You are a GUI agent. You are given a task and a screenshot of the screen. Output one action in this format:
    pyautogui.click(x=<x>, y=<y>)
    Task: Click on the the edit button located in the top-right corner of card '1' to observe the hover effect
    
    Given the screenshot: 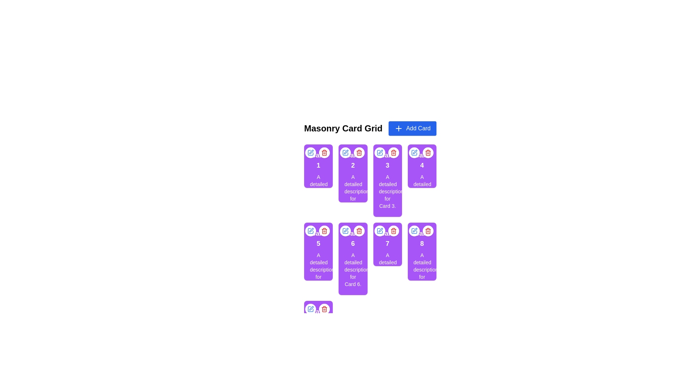 What is the action you would take?
    pyautogui.click(x=311, y=152)
    